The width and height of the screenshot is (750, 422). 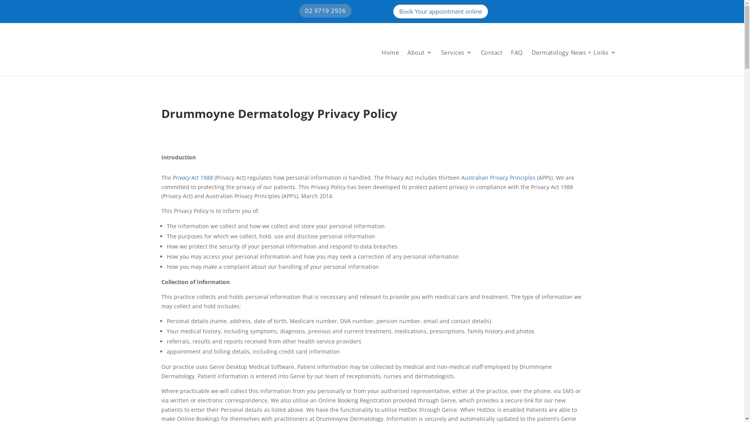 I want to click on 'Privacy Act 1988', so click(x=193, y=177).